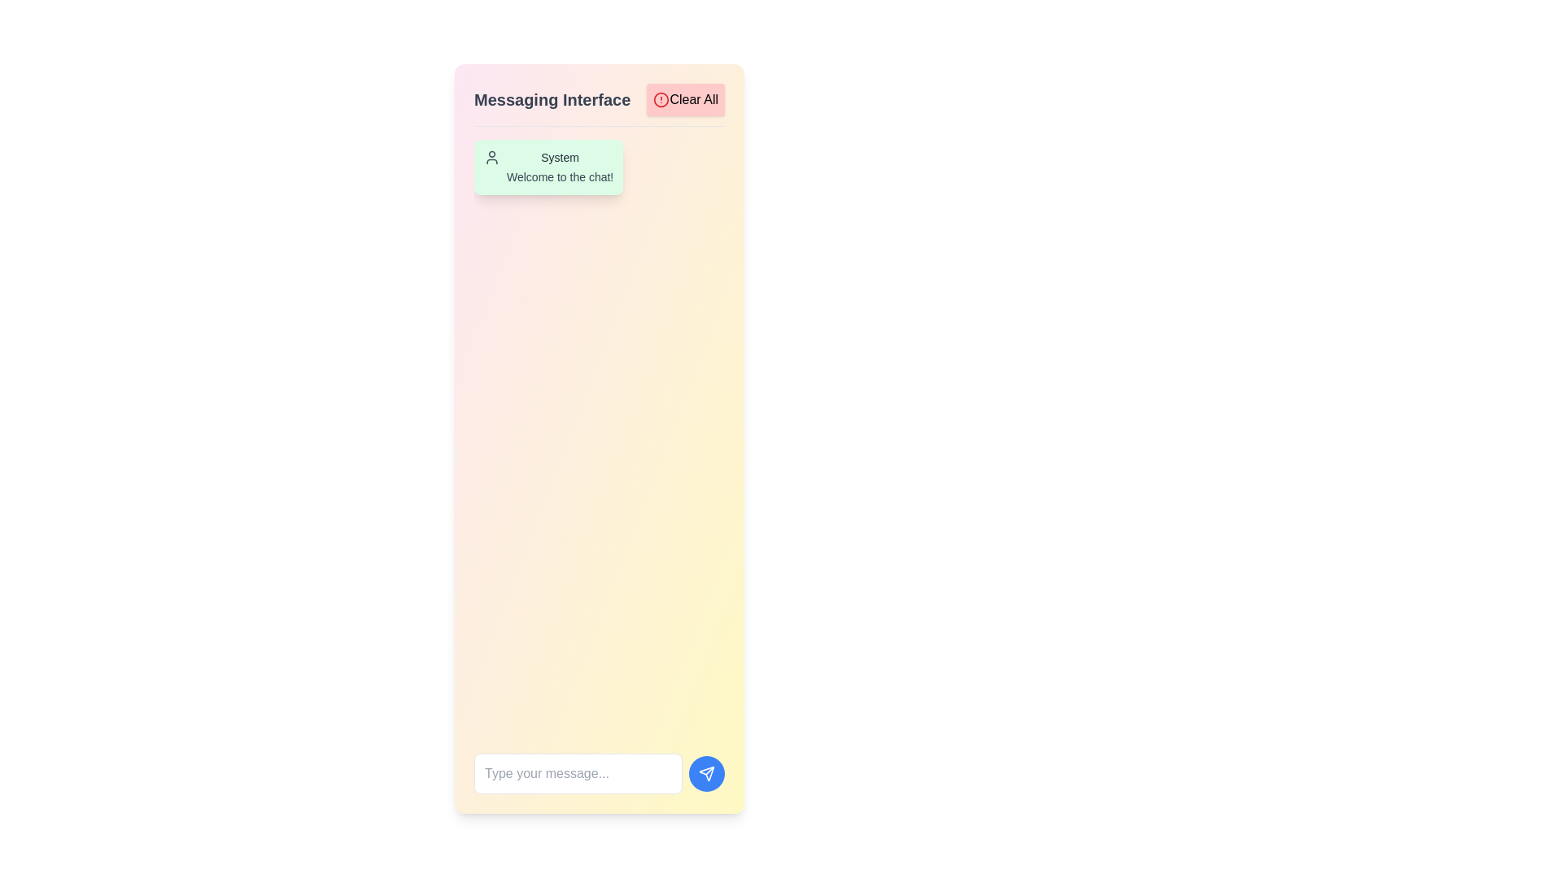 This screenshot has height=878, width=1562. What do you see at coordinates (661, 100) in the screenshot?
I see `the SVG Circle element, which is a circular graphic component with a hollow center located inside the 'Clear All' button at the top-right corner of the interface` at bounding box center [661, 100].